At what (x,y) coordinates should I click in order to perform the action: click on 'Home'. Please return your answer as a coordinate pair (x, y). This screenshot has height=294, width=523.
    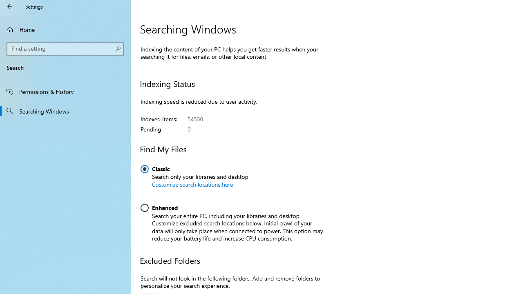
    Looking at the image, I should click on (65, 29).